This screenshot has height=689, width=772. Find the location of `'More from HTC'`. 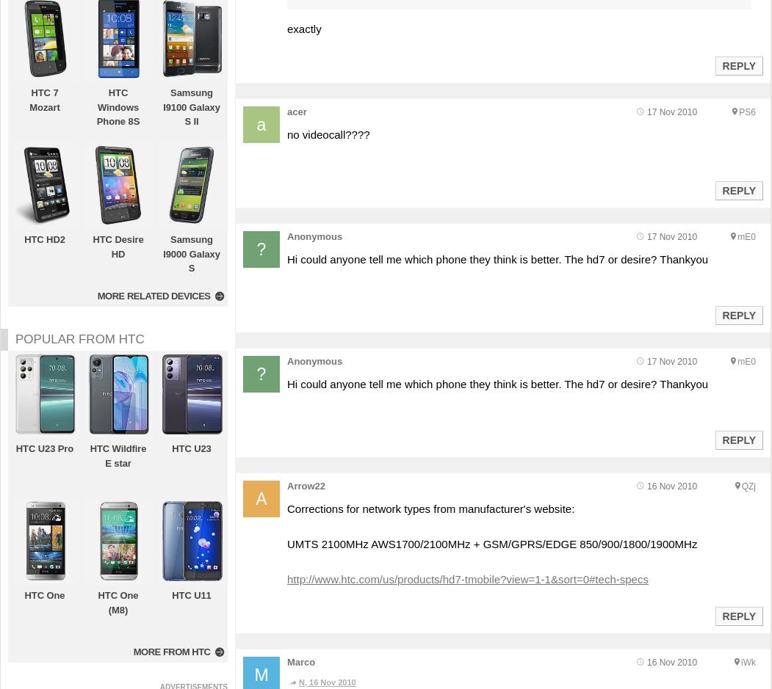

'More from HTC' is located at coordinates (132, 651).